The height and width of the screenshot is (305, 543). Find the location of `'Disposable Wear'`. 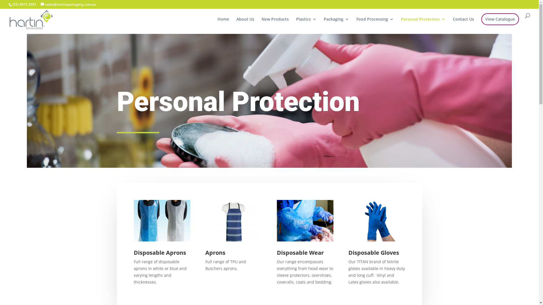

'Disposable Wear' is located at coordinates (300, 252).